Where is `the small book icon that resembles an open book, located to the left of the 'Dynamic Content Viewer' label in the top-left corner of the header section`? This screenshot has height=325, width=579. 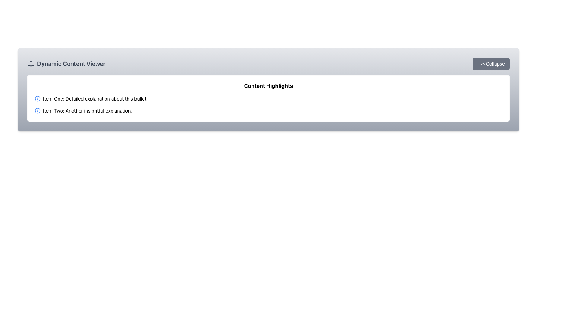
the small book icon that resembles an open book, located to the left of the 'Dynamic Content Viewer' label in the top-left corner of the header section is located at coordinates (30, 64).